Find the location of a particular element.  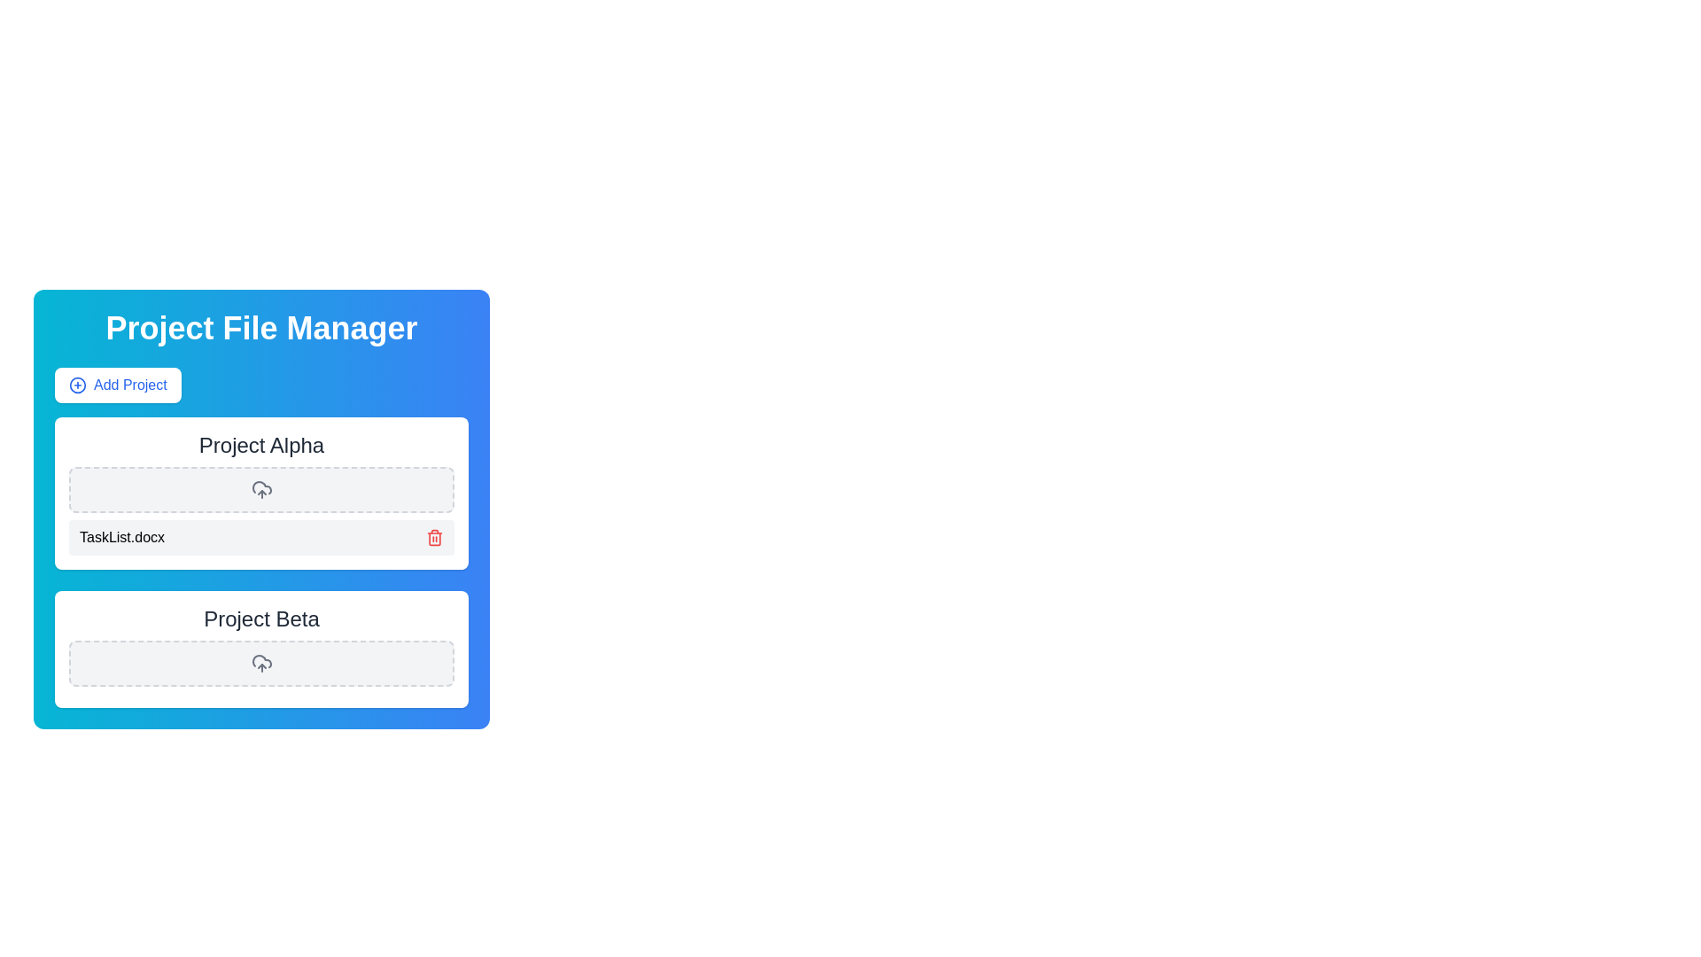

and drop a file into the file upload area located below the 'Project Alpha' title and above the 'TaskList.docx' file details is located at coordinates (260, 489).